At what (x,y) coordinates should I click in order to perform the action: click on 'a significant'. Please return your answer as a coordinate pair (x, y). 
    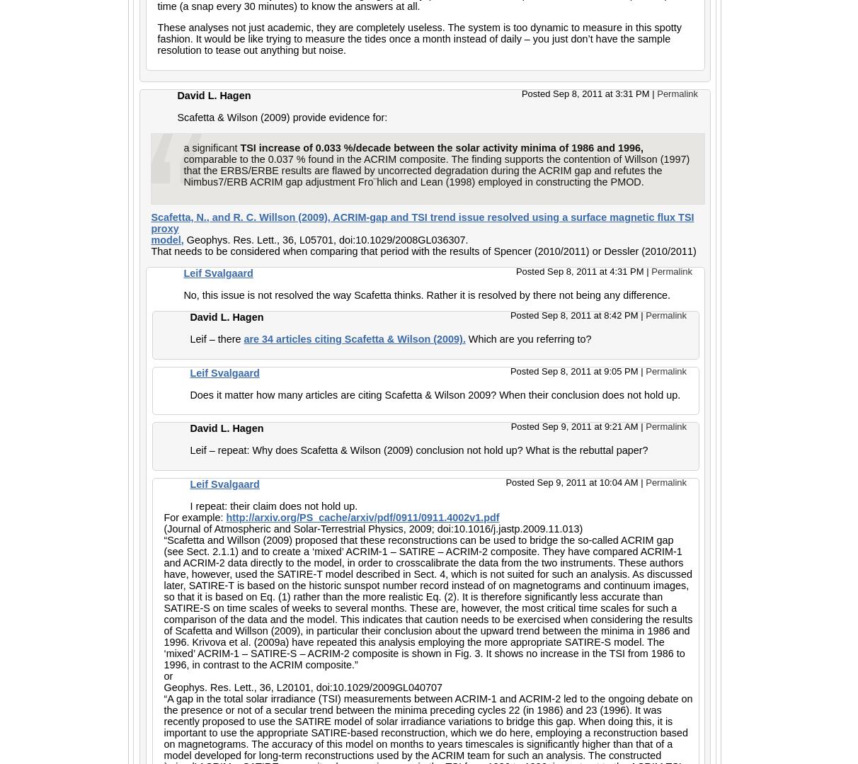
    Looking at the image, I should click on (210, 147).